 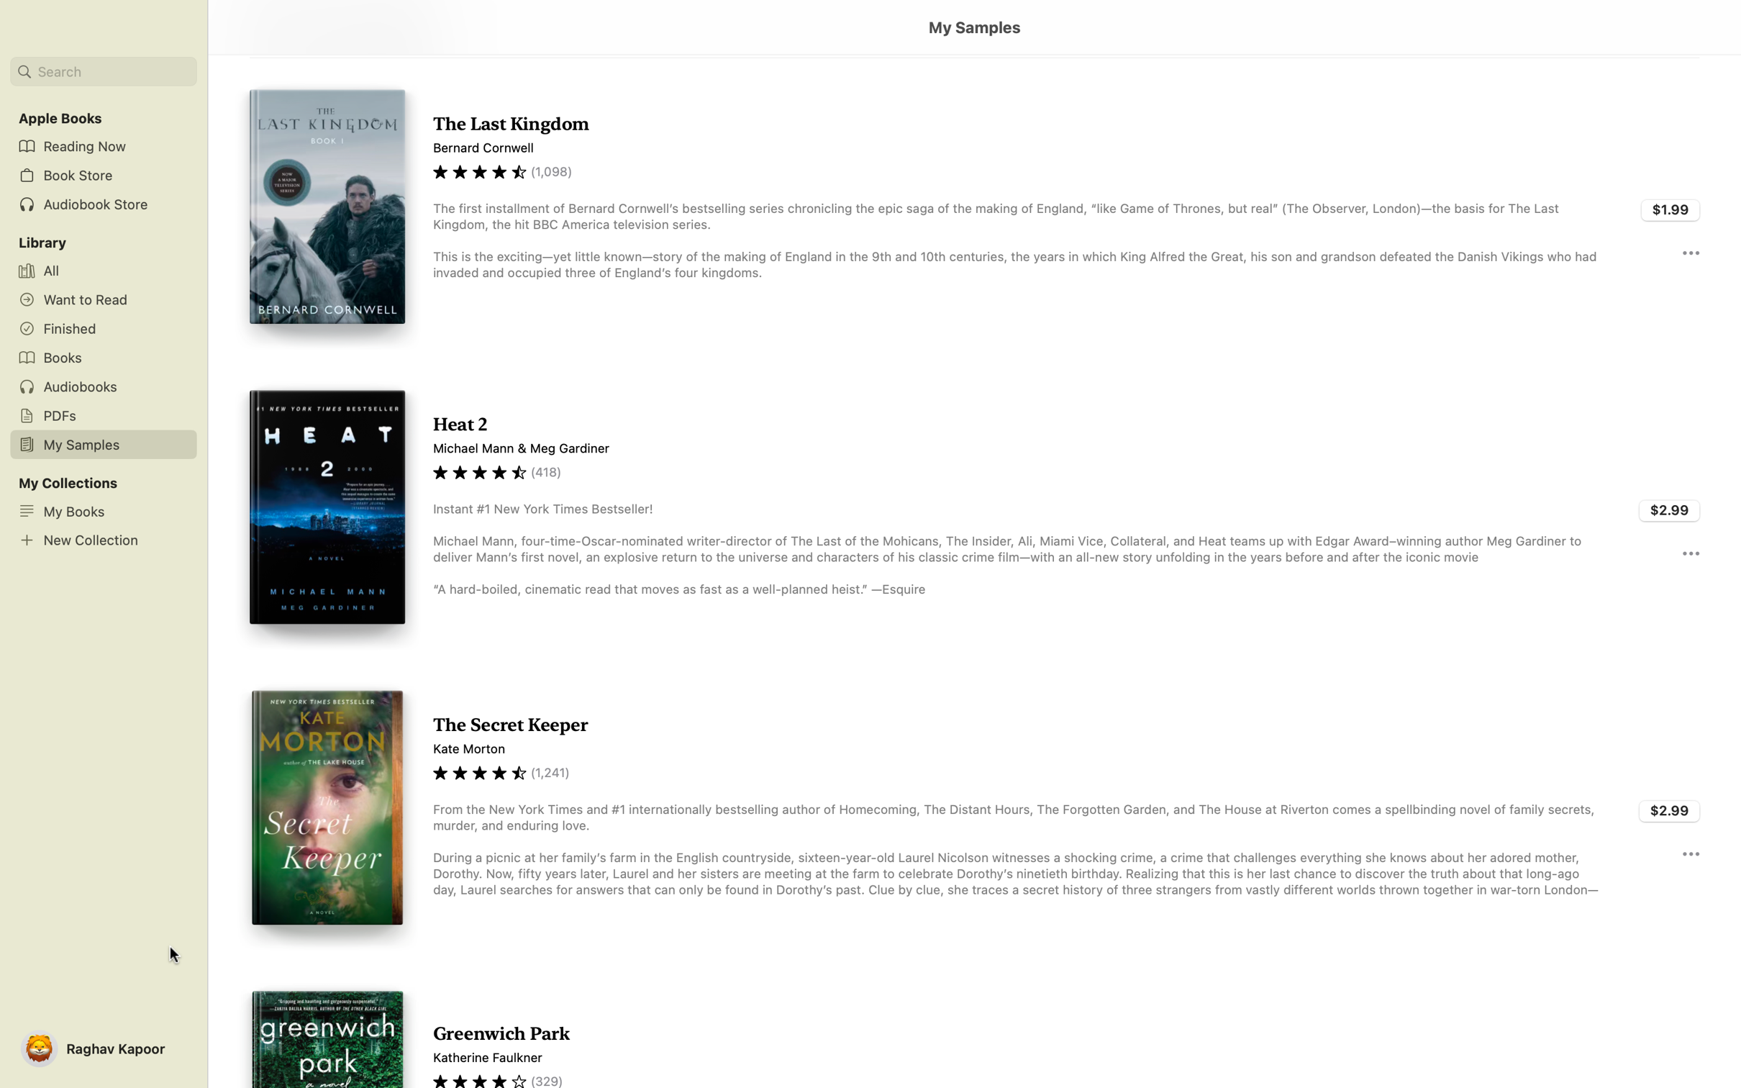 What do you see at coordinates (5676530, 1791936) in the screenshot?
I see `Explore more selections for "Secret Keeper` at bounding box center [5676530, 1791936].